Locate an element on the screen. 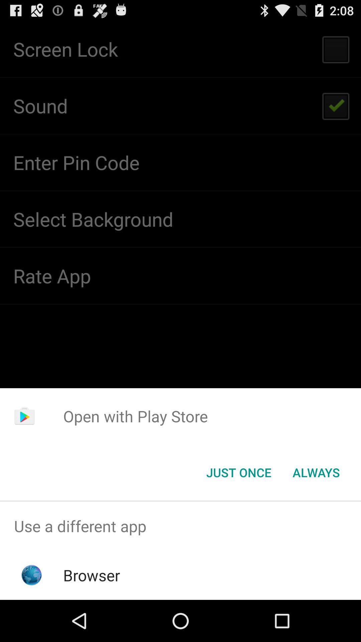  browser is located at coordinates (92, 575).